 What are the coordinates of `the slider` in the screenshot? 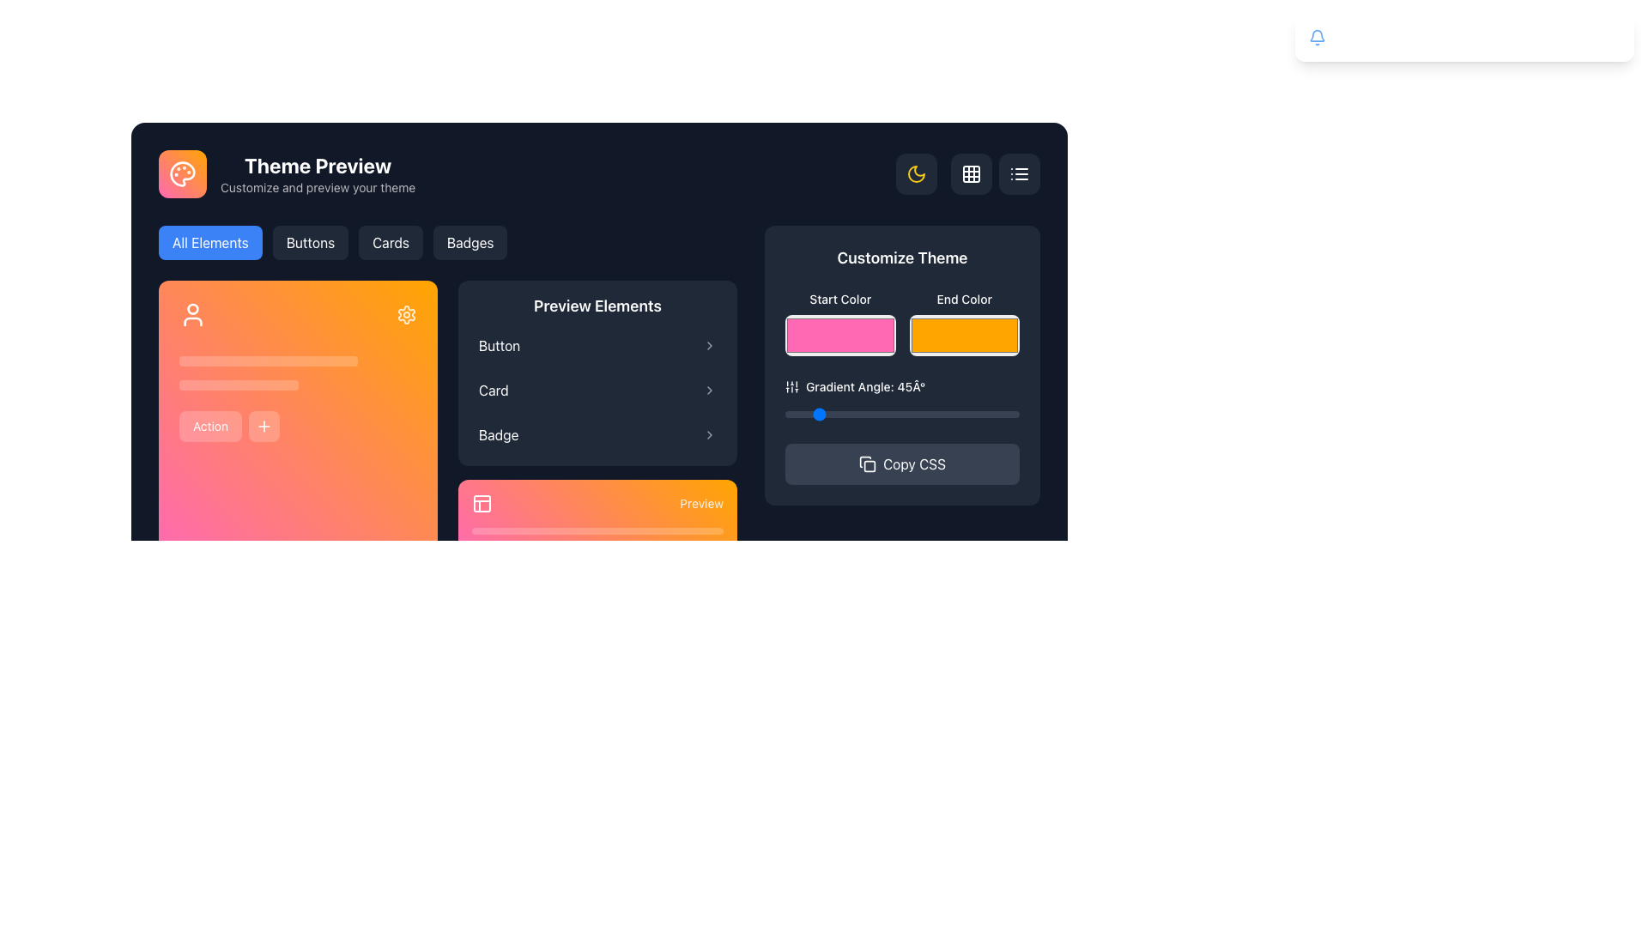 It's located at (190, 360).